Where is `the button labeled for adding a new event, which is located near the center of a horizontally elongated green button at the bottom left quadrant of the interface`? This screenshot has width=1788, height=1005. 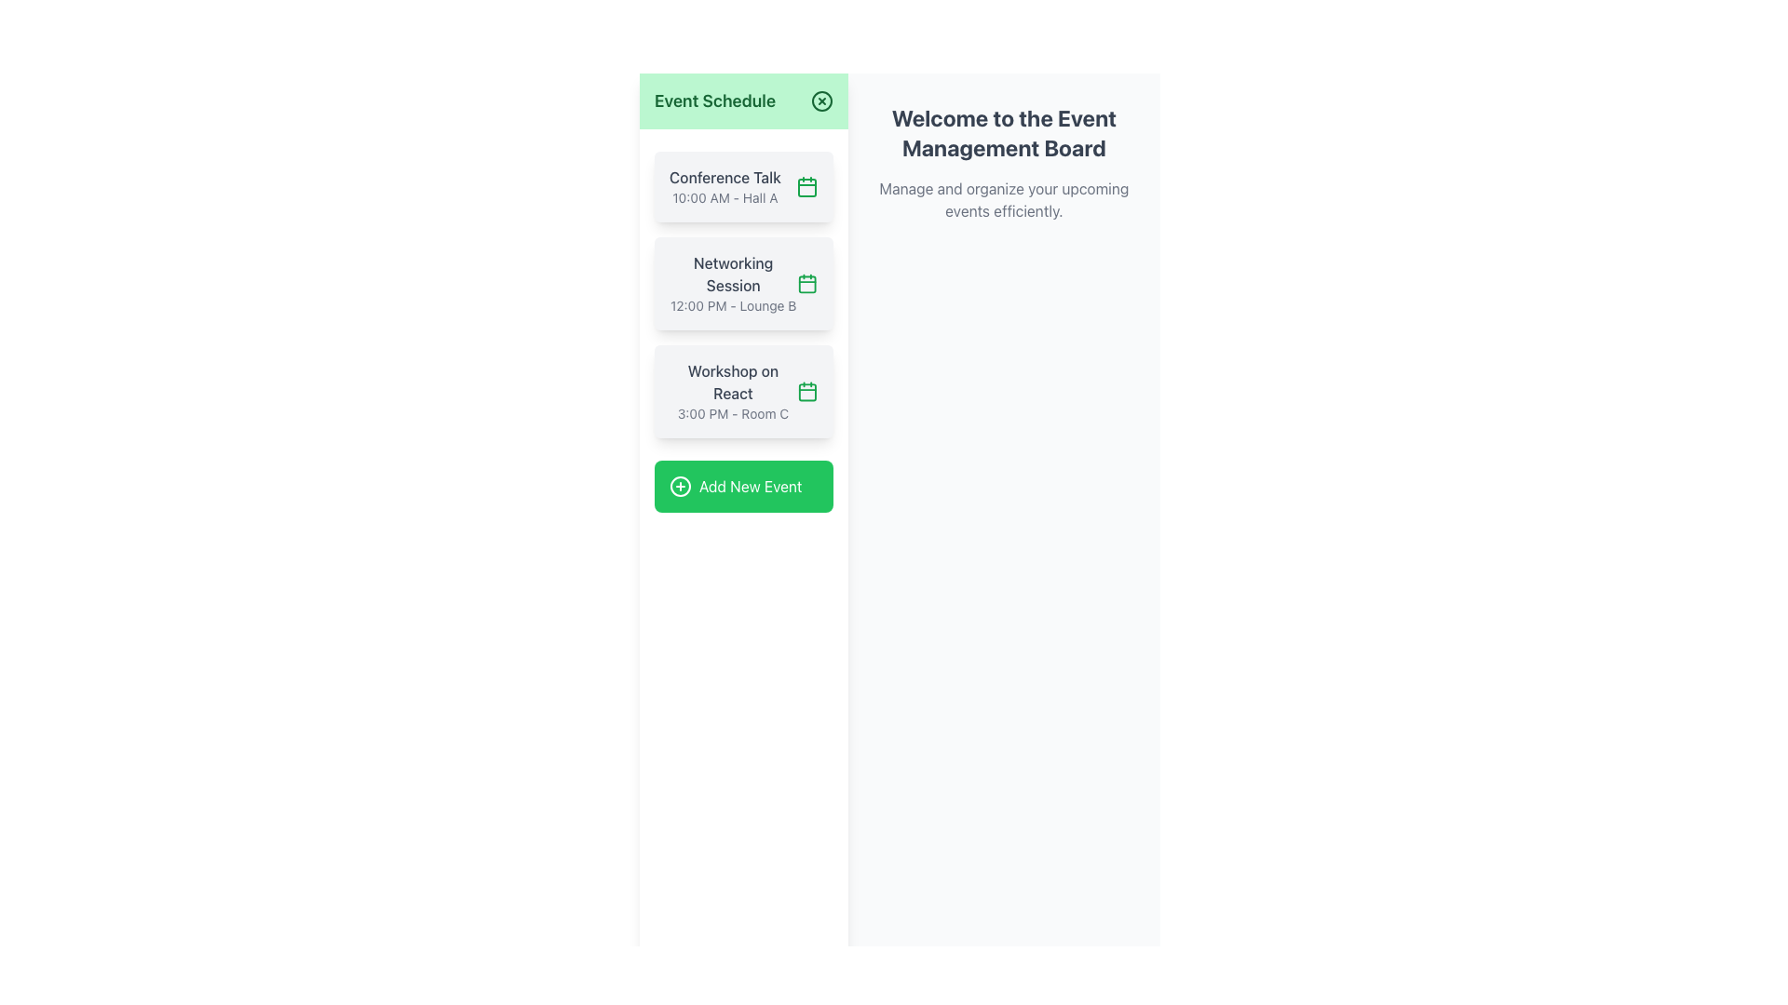 the button labeled for adding a new event, which is located near the center of a horizontally elongated green button at the bottom left quadrant of the interface is located at coordinates (751, 486).